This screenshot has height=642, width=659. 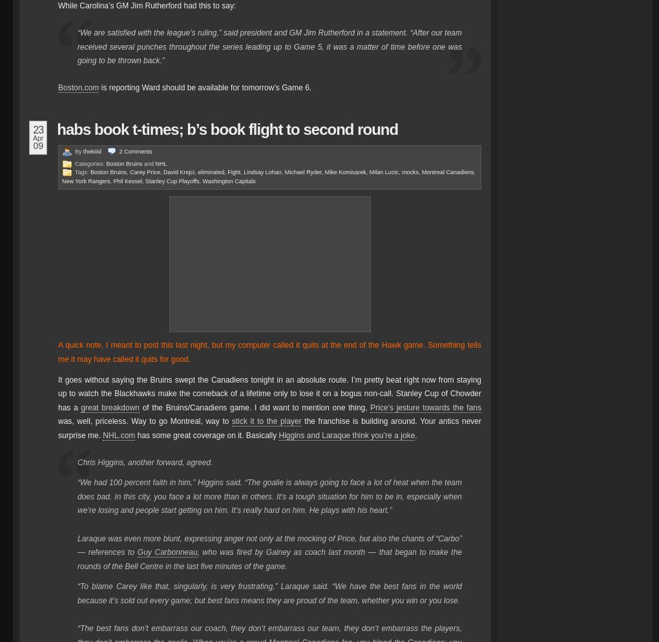 I want to click on '23', so click(x=37, y=129).